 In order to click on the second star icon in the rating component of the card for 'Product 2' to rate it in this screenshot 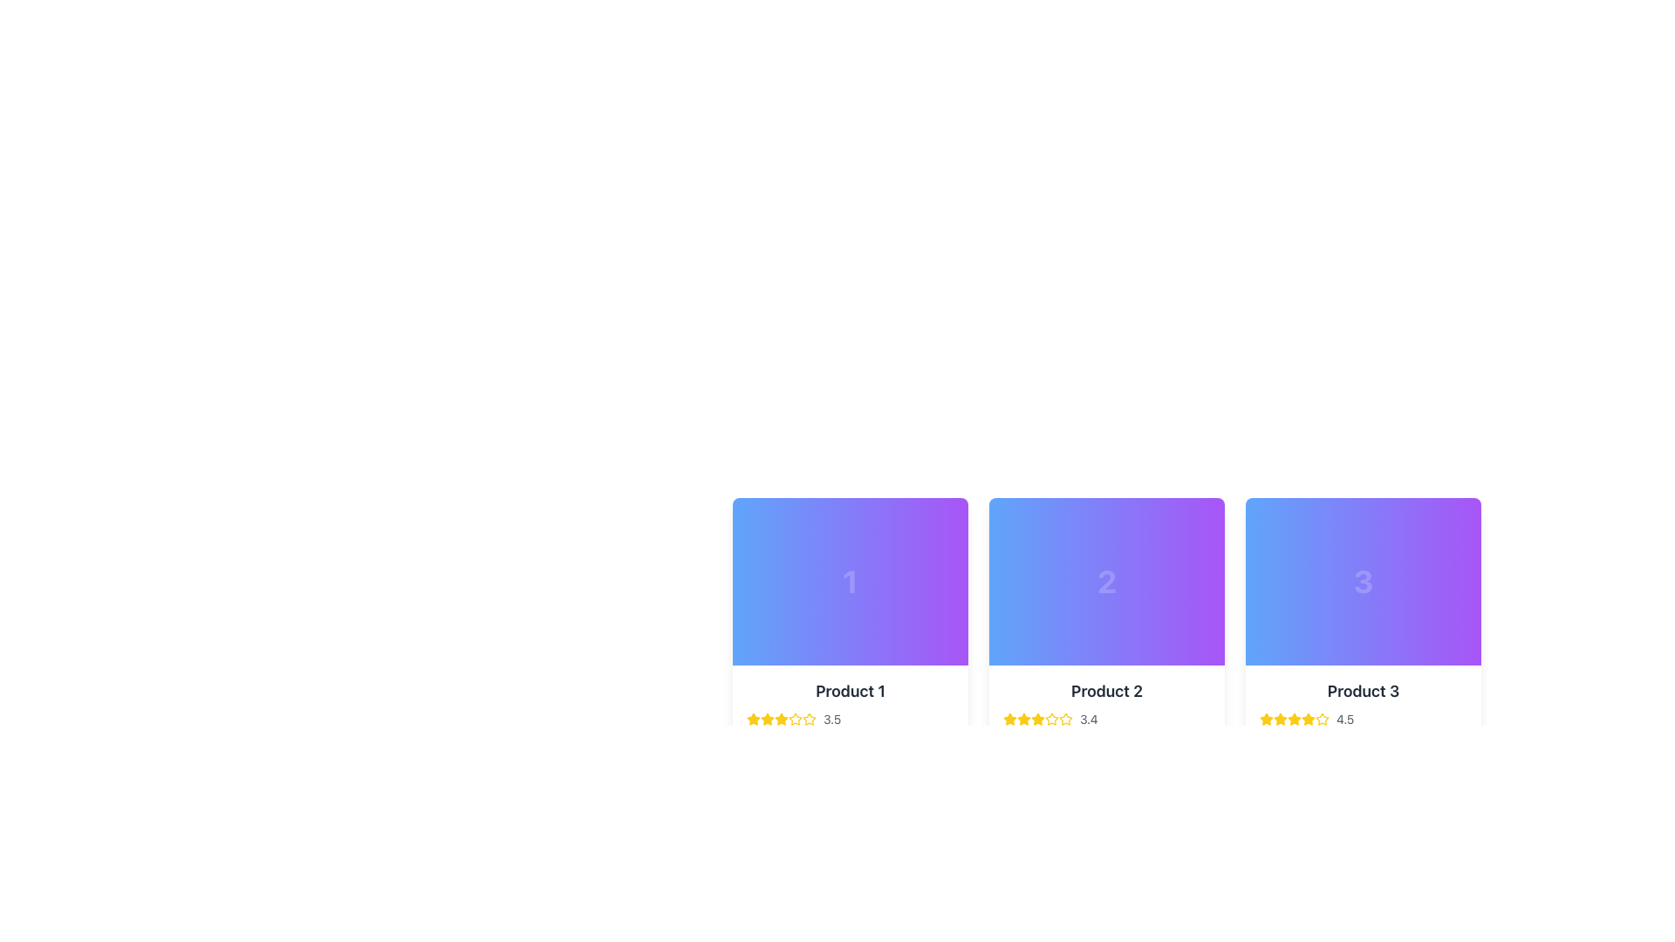, I will do `click(1038, 720)`.